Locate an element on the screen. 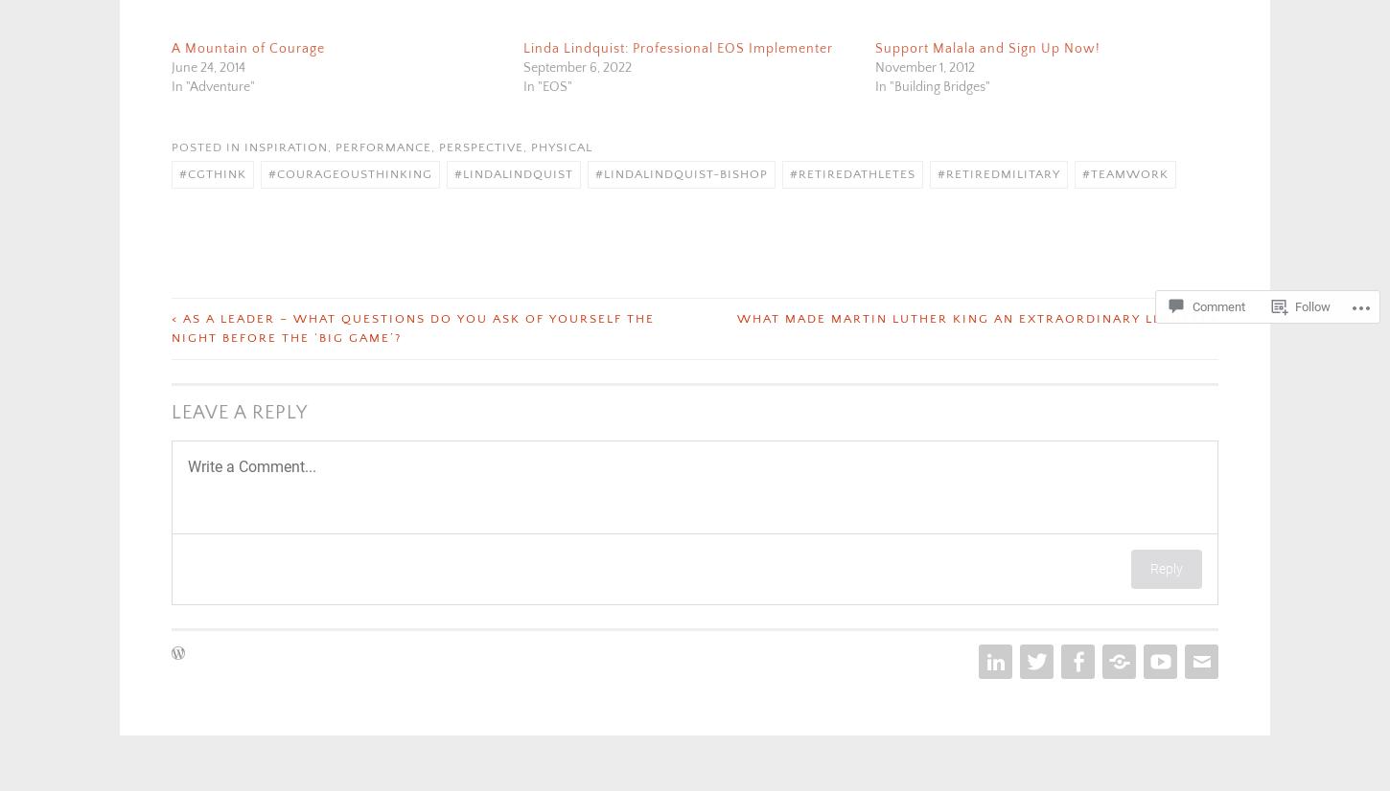 This screenshot has height=791, width=1390. 'Leave a Reply' is located at coordinates (239, 413).